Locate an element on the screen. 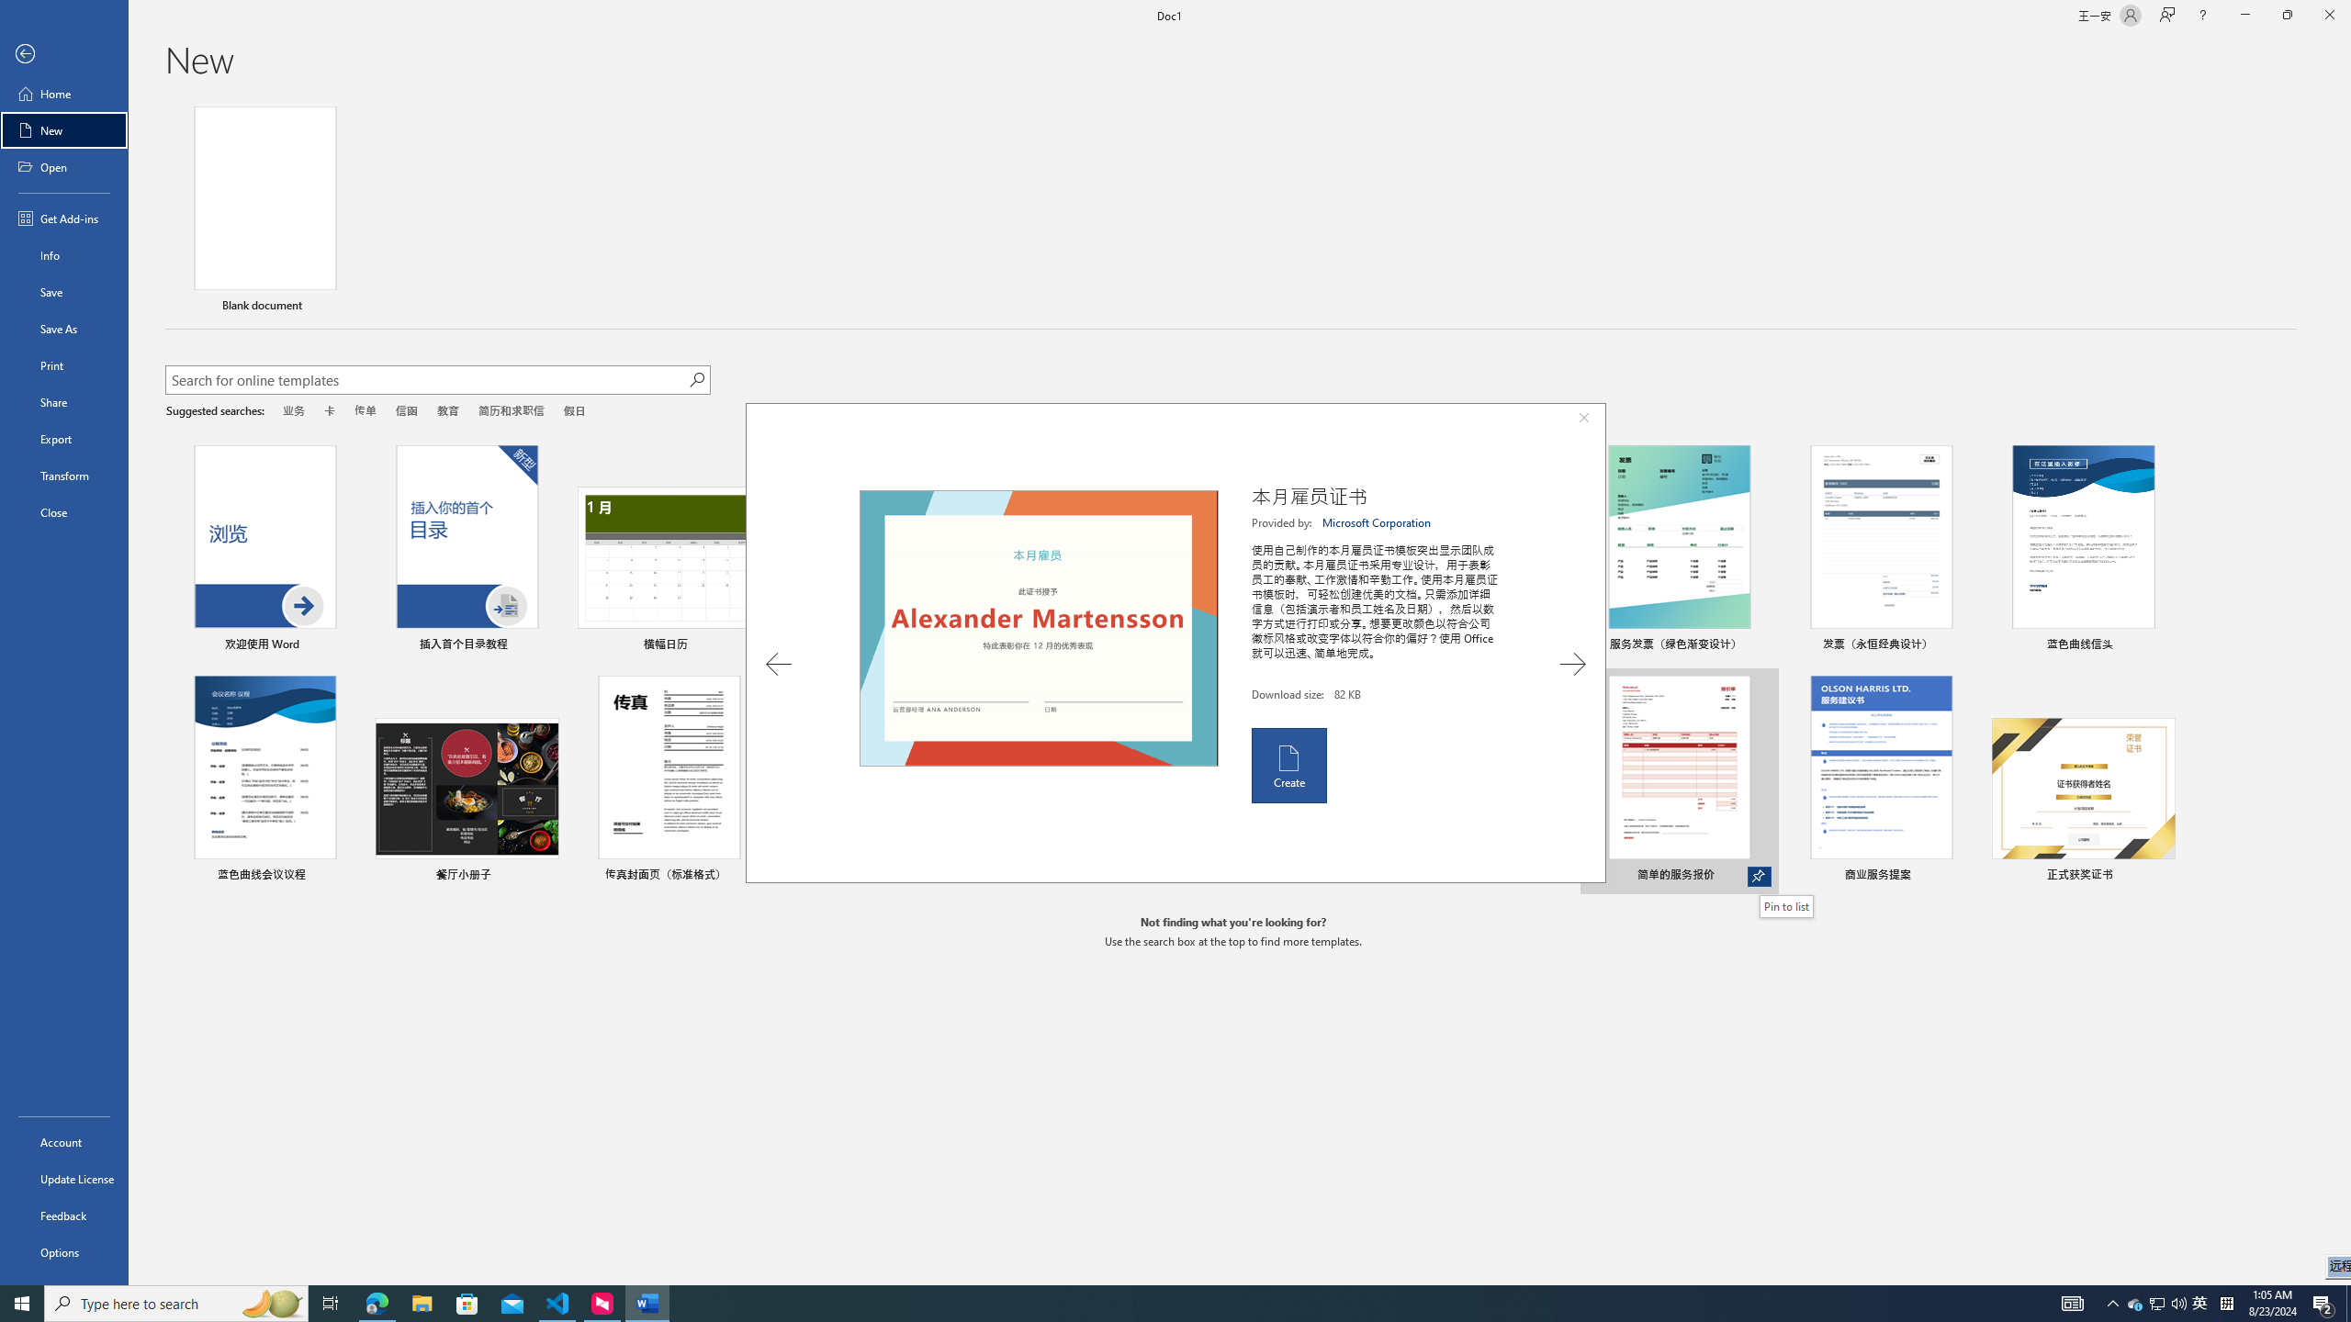 The height and width of the screenshot is (1322, 2351). 'Transform' is located at coordinates (63, 475).